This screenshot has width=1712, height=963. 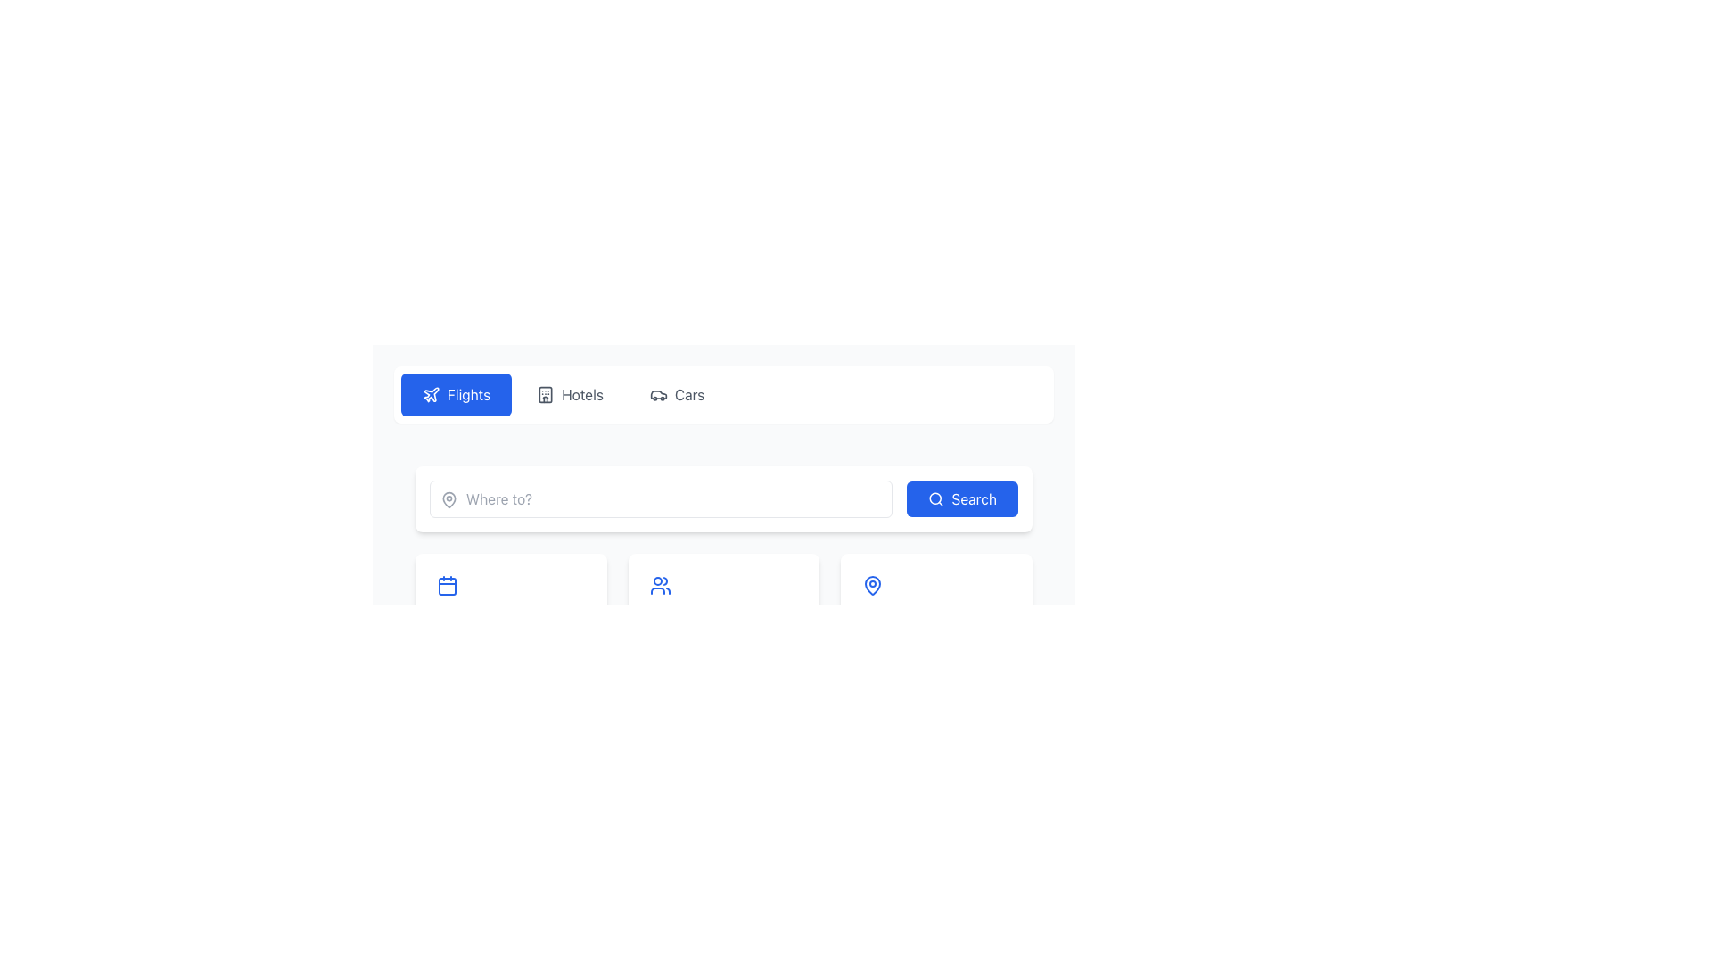 I want to click on the search button containing the magnifying glass icon, so click(x=935, y=498).